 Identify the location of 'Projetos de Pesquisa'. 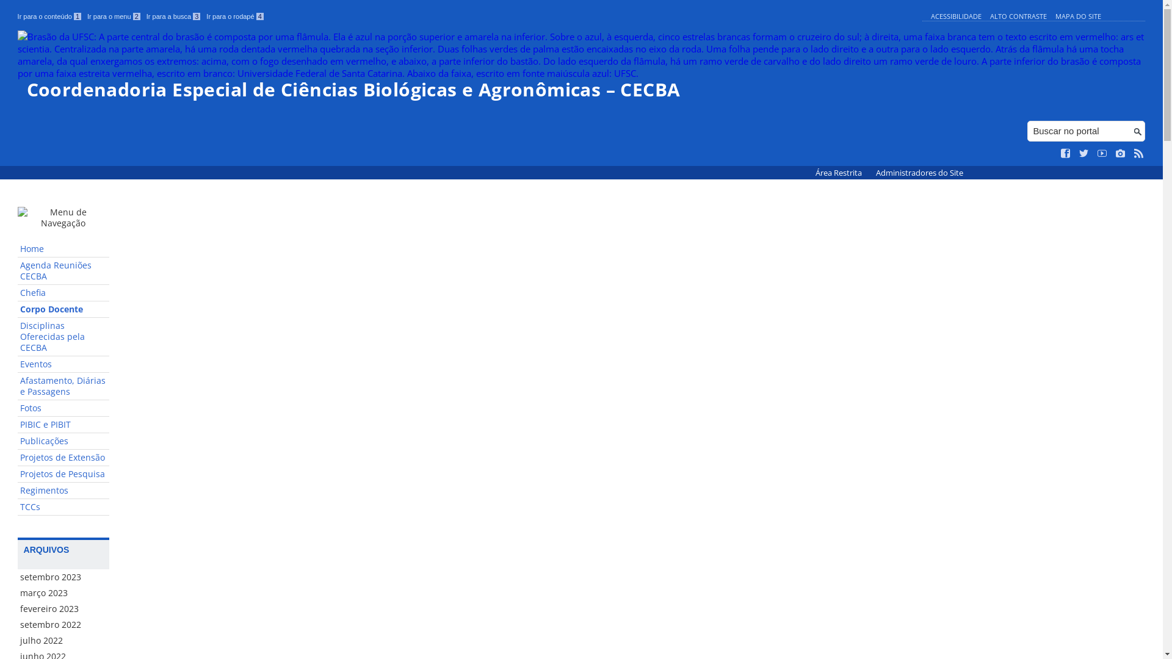
(63, 474).